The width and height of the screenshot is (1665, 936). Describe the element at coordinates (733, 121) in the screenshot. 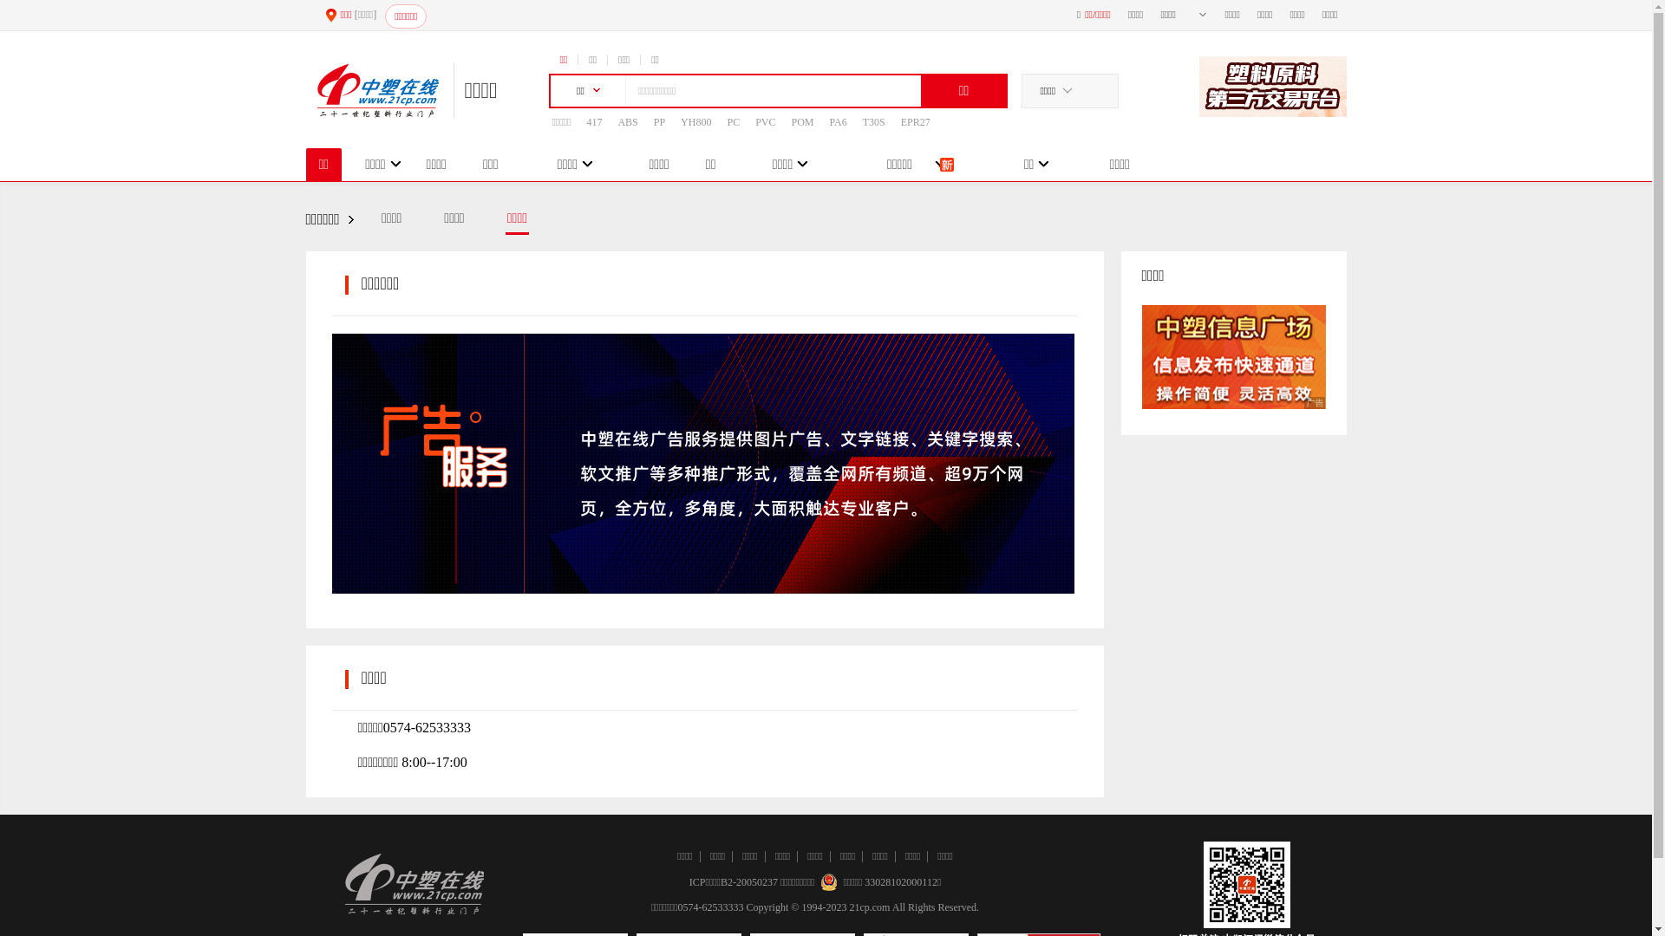

I see `'PC'` at that location.